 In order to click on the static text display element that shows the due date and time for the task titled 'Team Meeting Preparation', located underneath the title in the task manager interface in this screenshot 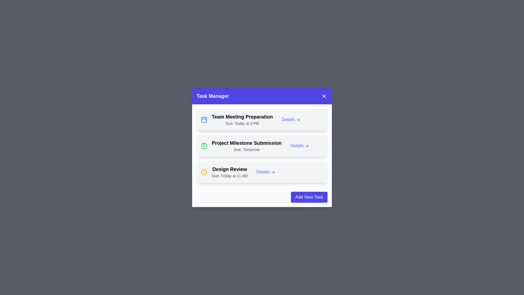, I will do `click(242, 123)`.